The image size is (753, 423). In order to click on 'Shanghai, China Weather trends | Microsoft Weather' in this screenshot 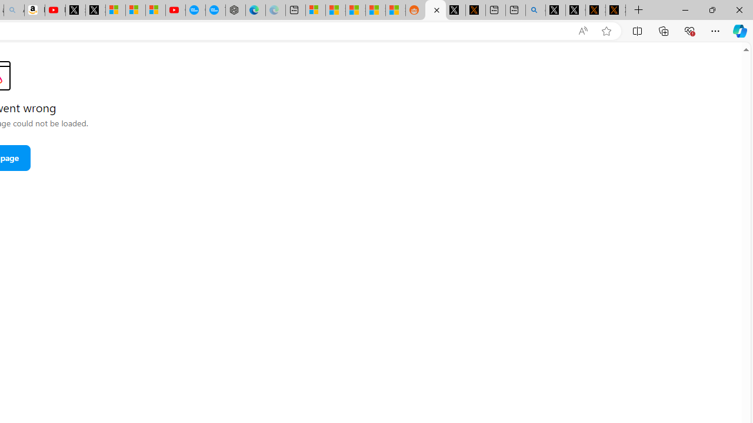, I will do `click(395, 10)`.